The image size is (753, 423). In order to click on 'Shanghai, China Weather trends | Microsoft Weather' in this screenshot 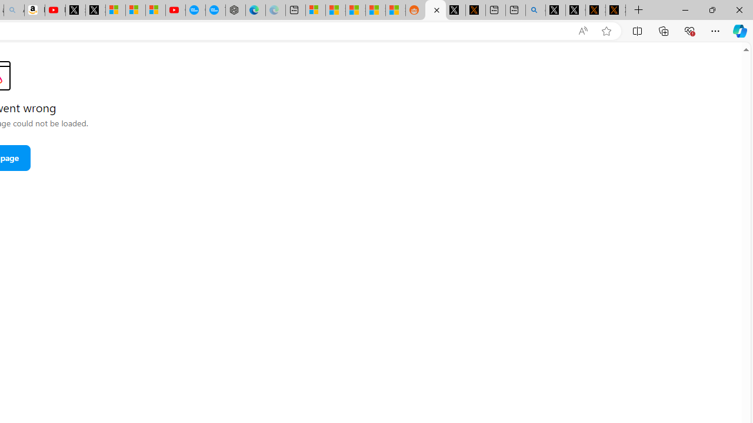, I will do `click(395, 10)`.